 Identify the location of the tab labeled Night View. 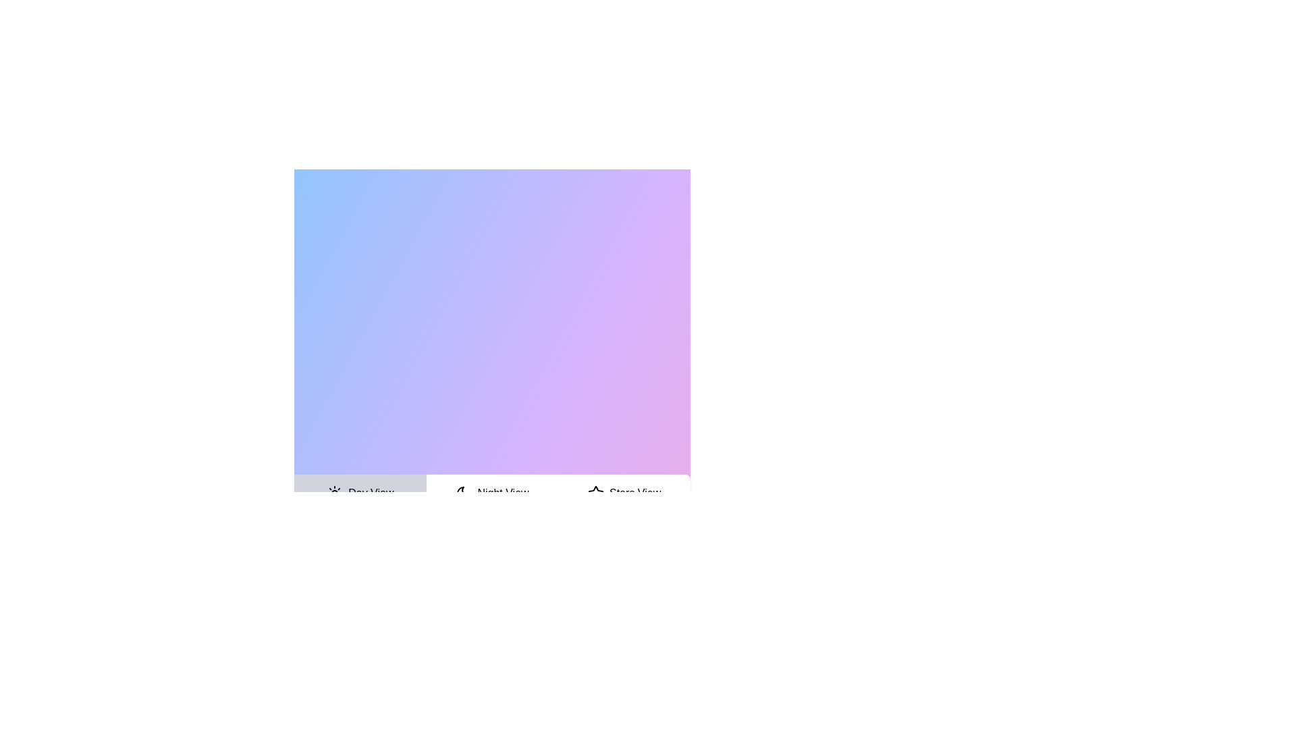
(491, 493).